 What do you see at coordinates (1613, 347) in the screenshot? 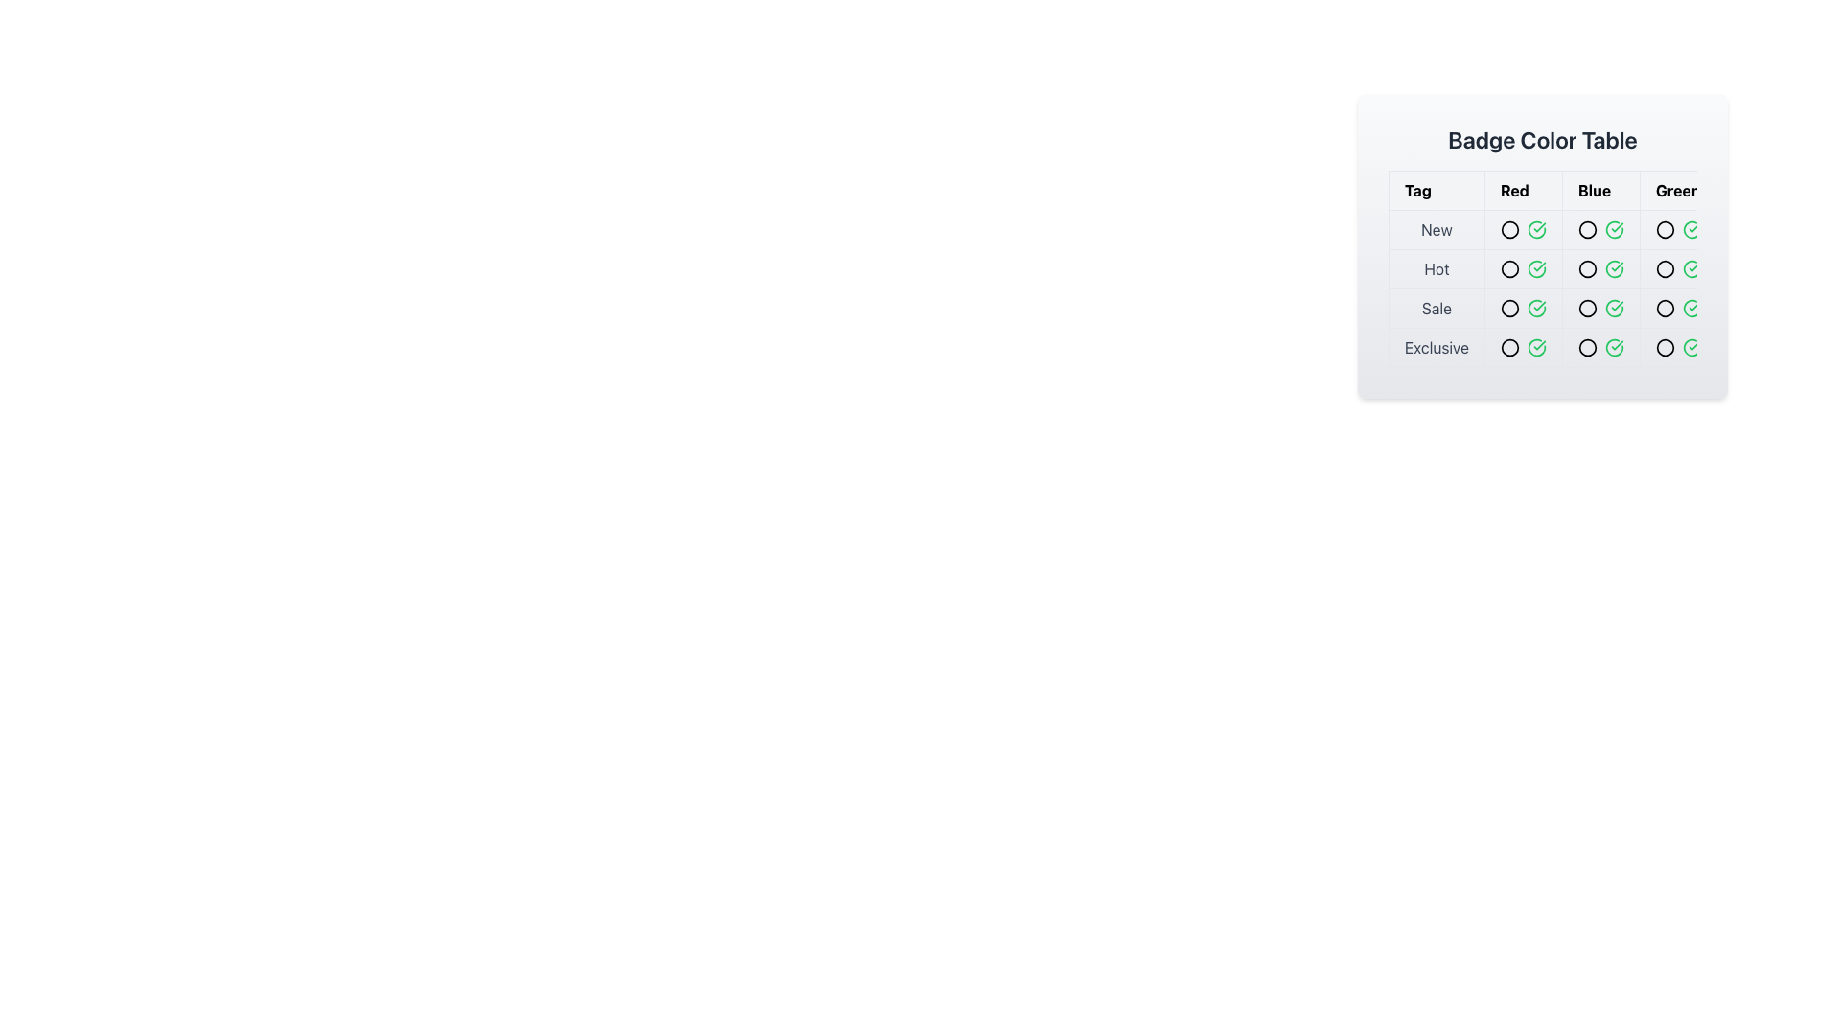
I see `the green icon indicating a valid state in the 'Badge Color Table' under the 'Exclusive' row` at bounding box center [1613, 347].